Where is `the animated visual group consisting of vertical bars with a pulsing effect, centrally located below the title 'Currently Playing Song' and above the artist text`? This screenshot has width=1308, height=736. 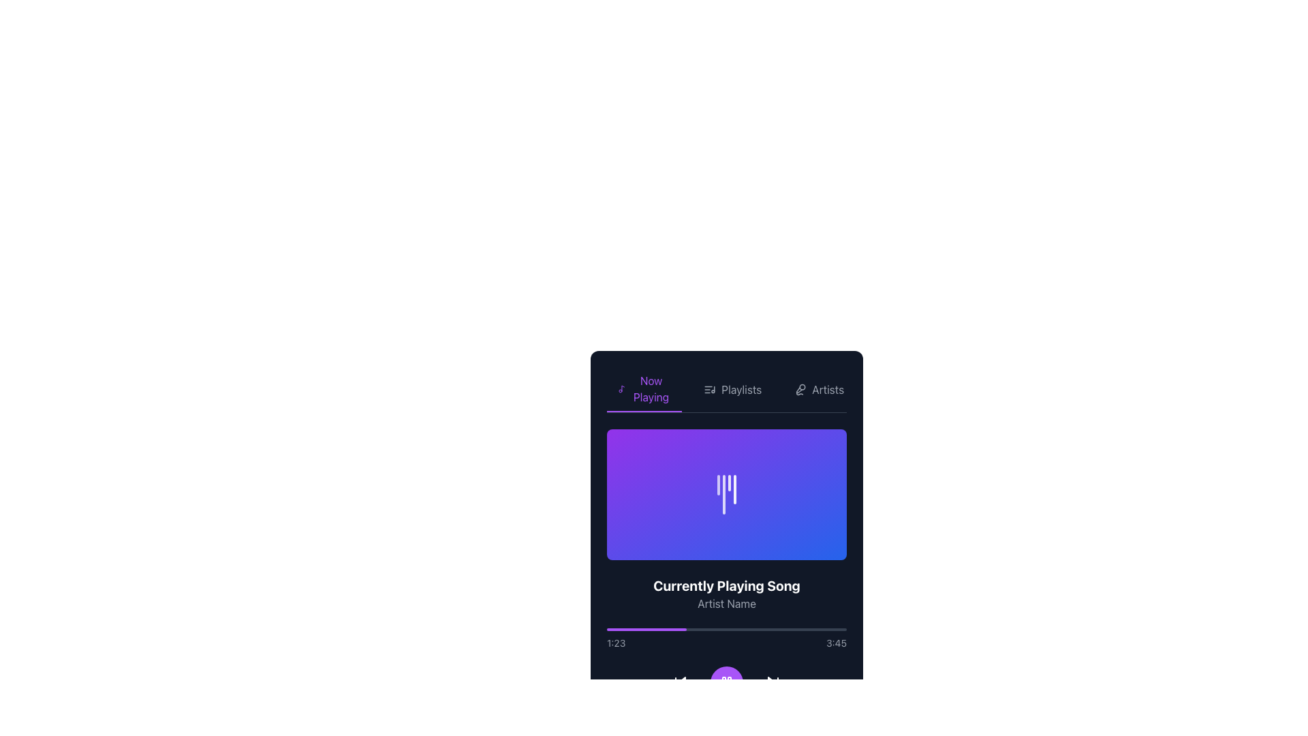 the animated visual group consisting of vertical bars with a pulsing effect, centrally located below the title 'Currently Playing Song' and above the artist text is located at coordinates (726, 494).